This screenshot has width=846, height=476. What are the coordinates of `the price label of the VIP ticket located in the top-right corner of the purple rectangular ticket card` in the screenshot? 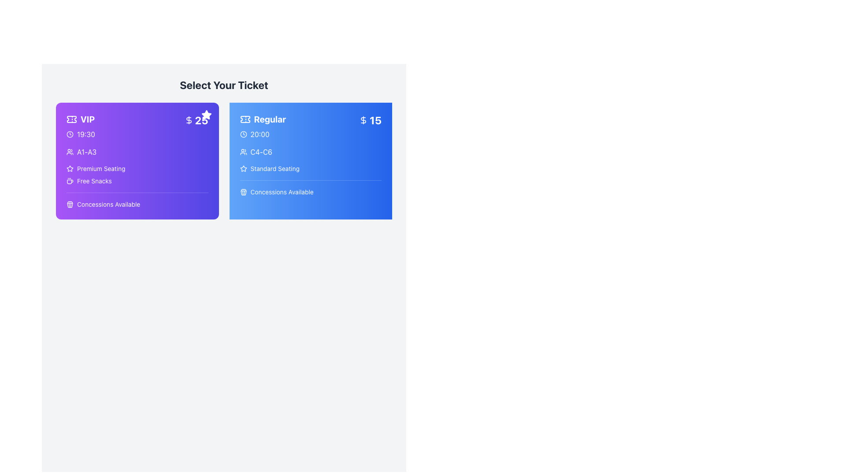 It's located at (196, 120).